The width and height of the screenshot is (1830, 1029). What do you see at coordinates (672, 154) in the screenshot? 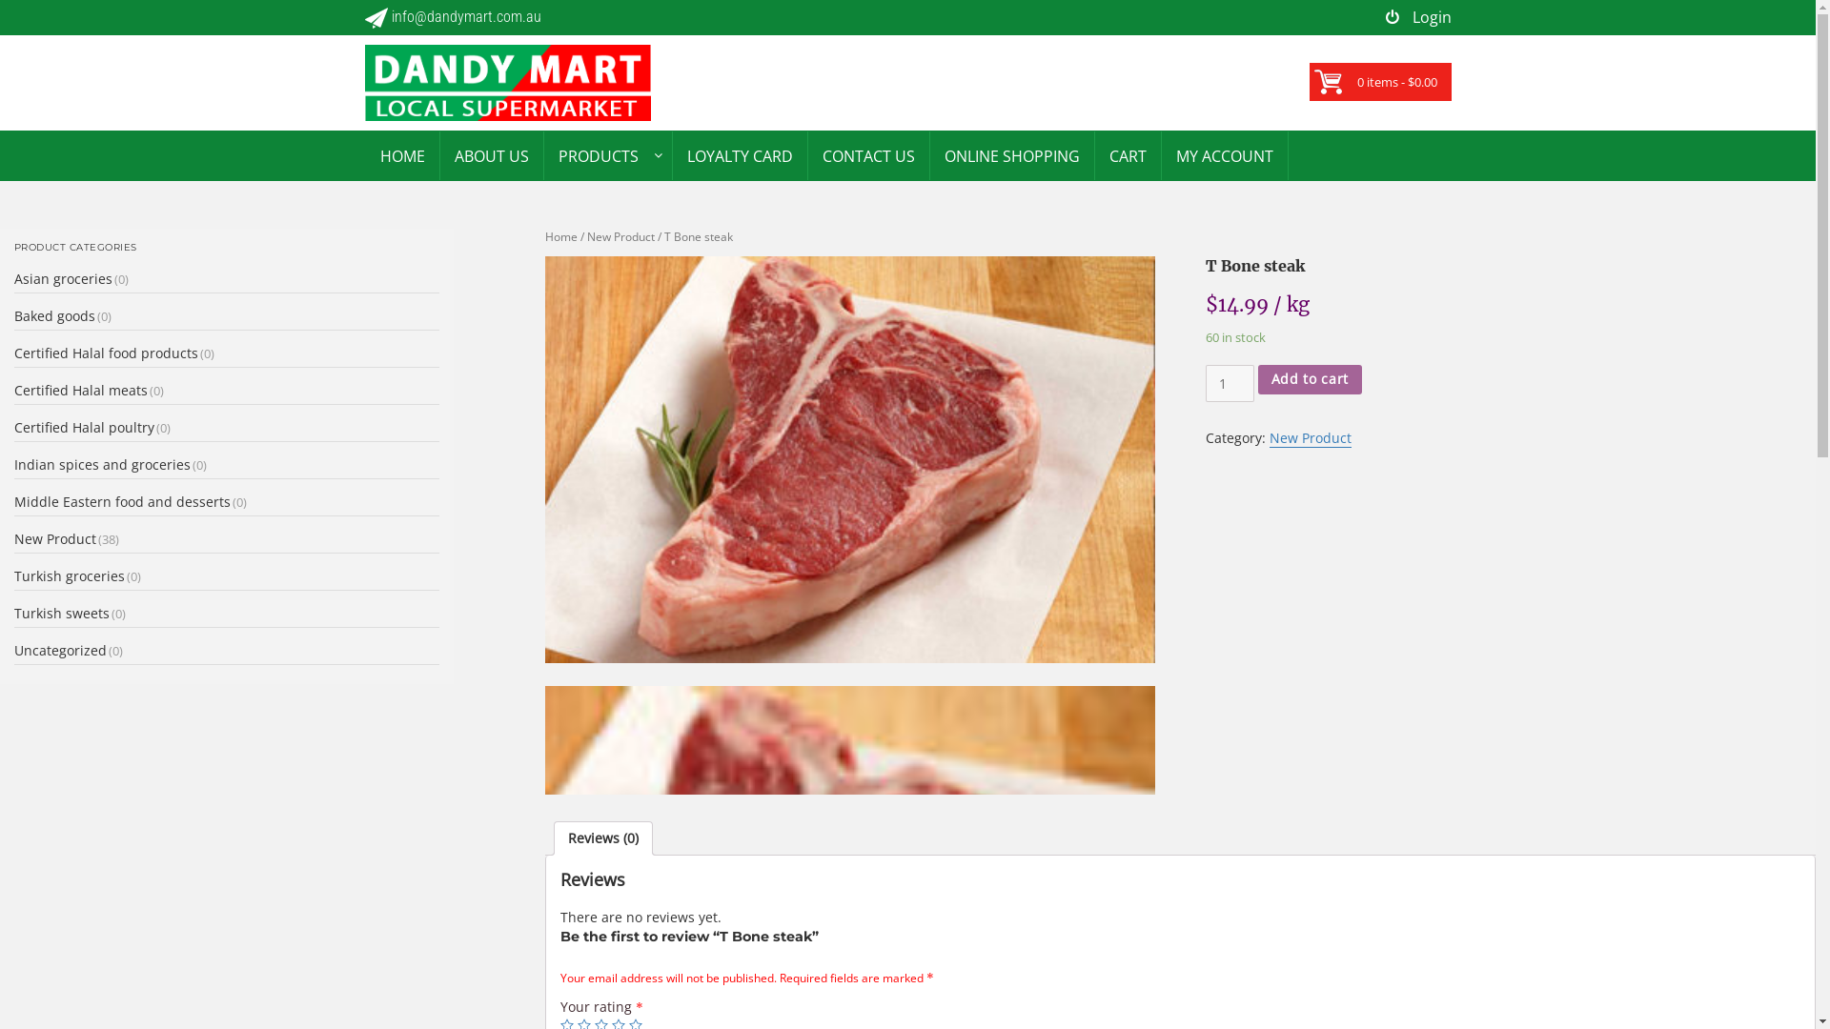
I see `'LOYALTY CARD'` at bounding box center [672, 154].